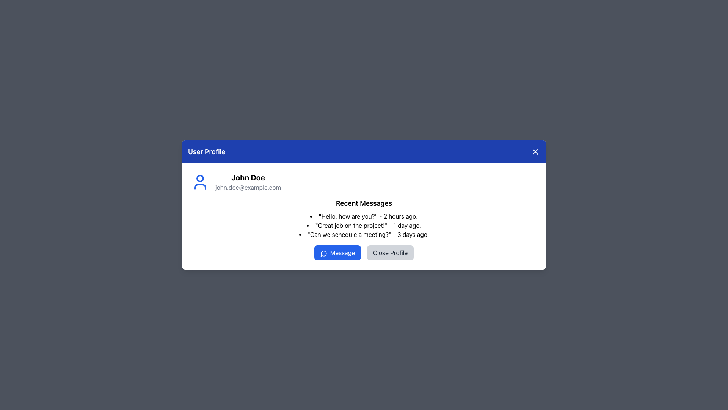 This screenshot has height=410, width=728. Describe the element at coordinates (390, 253) in the screenshot. I see `the 'Close Profile' button` at that location.